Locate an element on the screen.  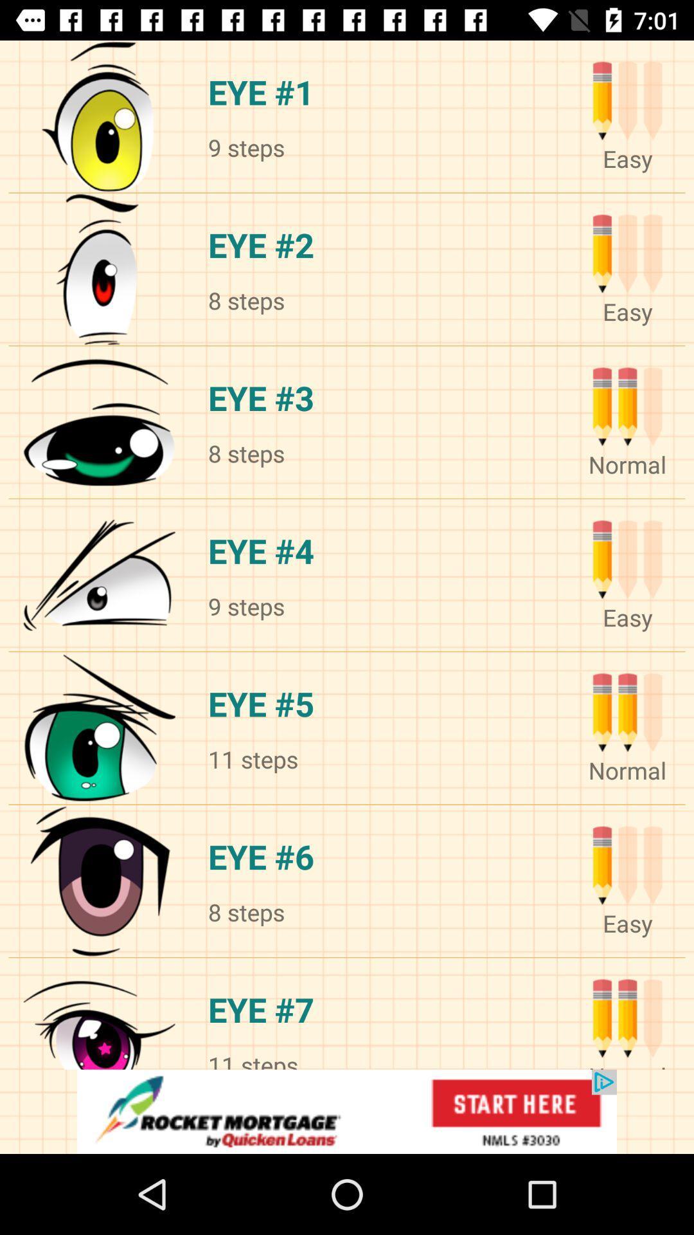
open advertisement is located at coordinates (347, 1111).